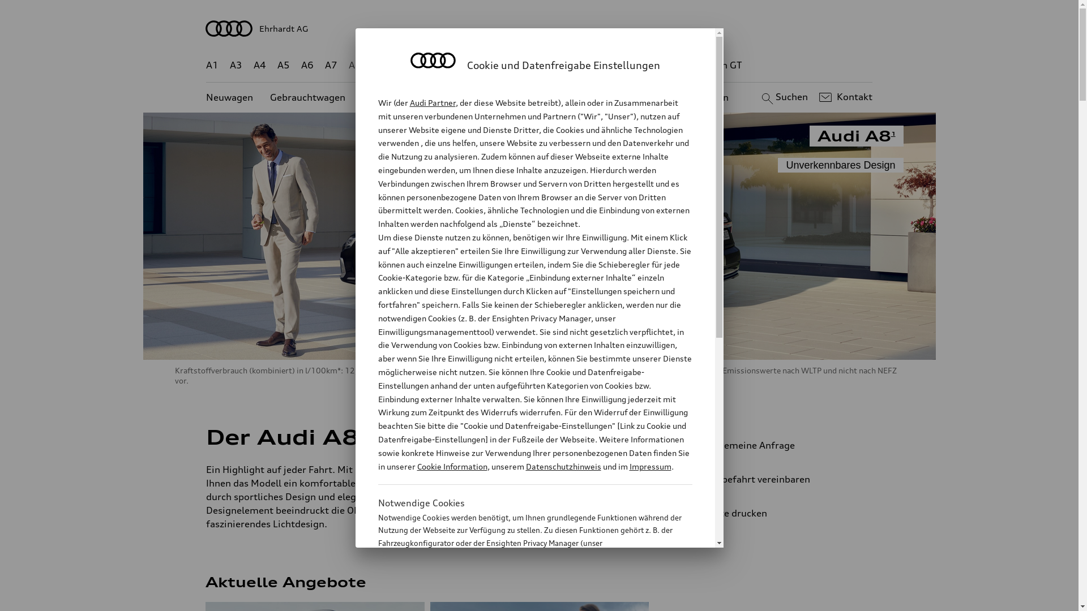  I want to click on 'A8', so click(354, 65).